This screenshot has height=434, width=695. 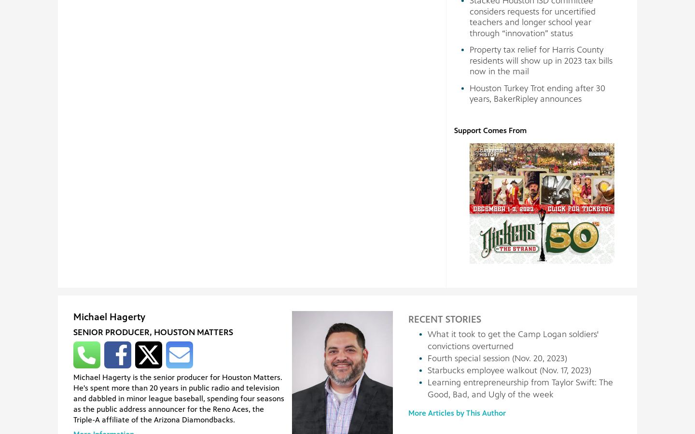 I want to click on 'Recent Stories', so click(x=445, y=319).